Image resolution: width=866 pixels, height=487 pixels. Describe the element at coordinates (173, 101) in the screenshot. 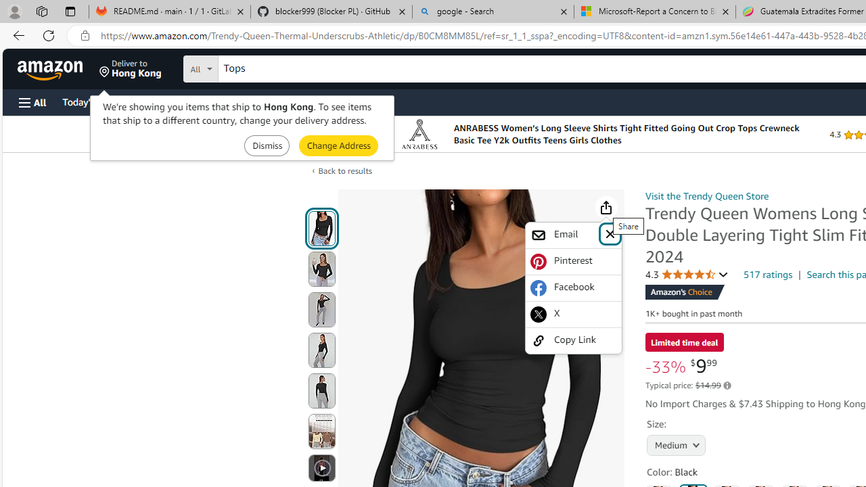

I see `'Customer Service'` at that location.